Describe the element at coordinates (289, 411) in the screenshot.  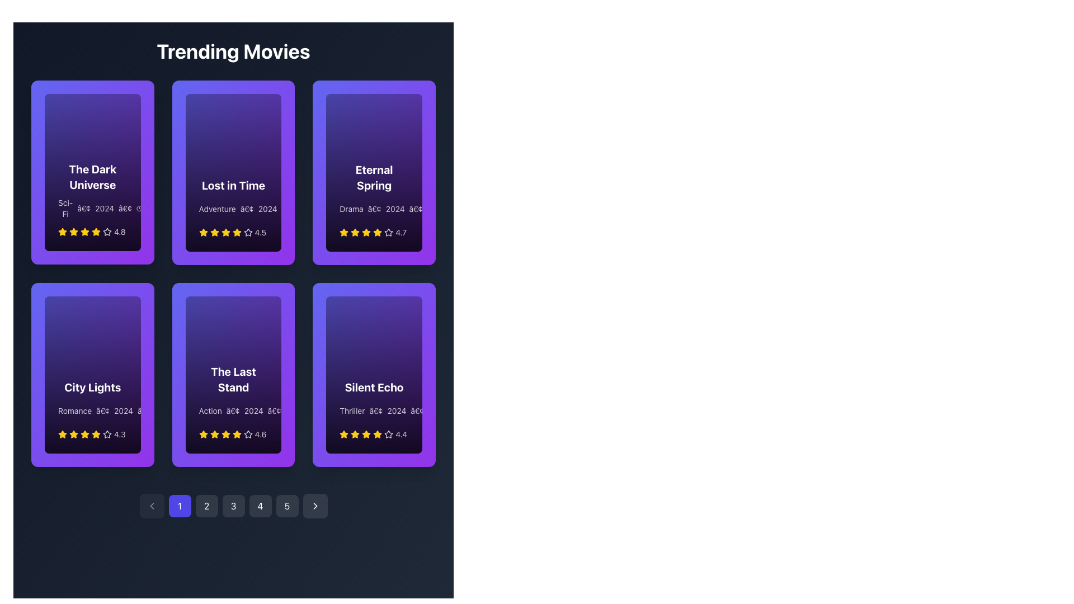
I see `the clock icon located within the movie card 'The Last Stand', positioned to the right of the genre and year text` at that location.